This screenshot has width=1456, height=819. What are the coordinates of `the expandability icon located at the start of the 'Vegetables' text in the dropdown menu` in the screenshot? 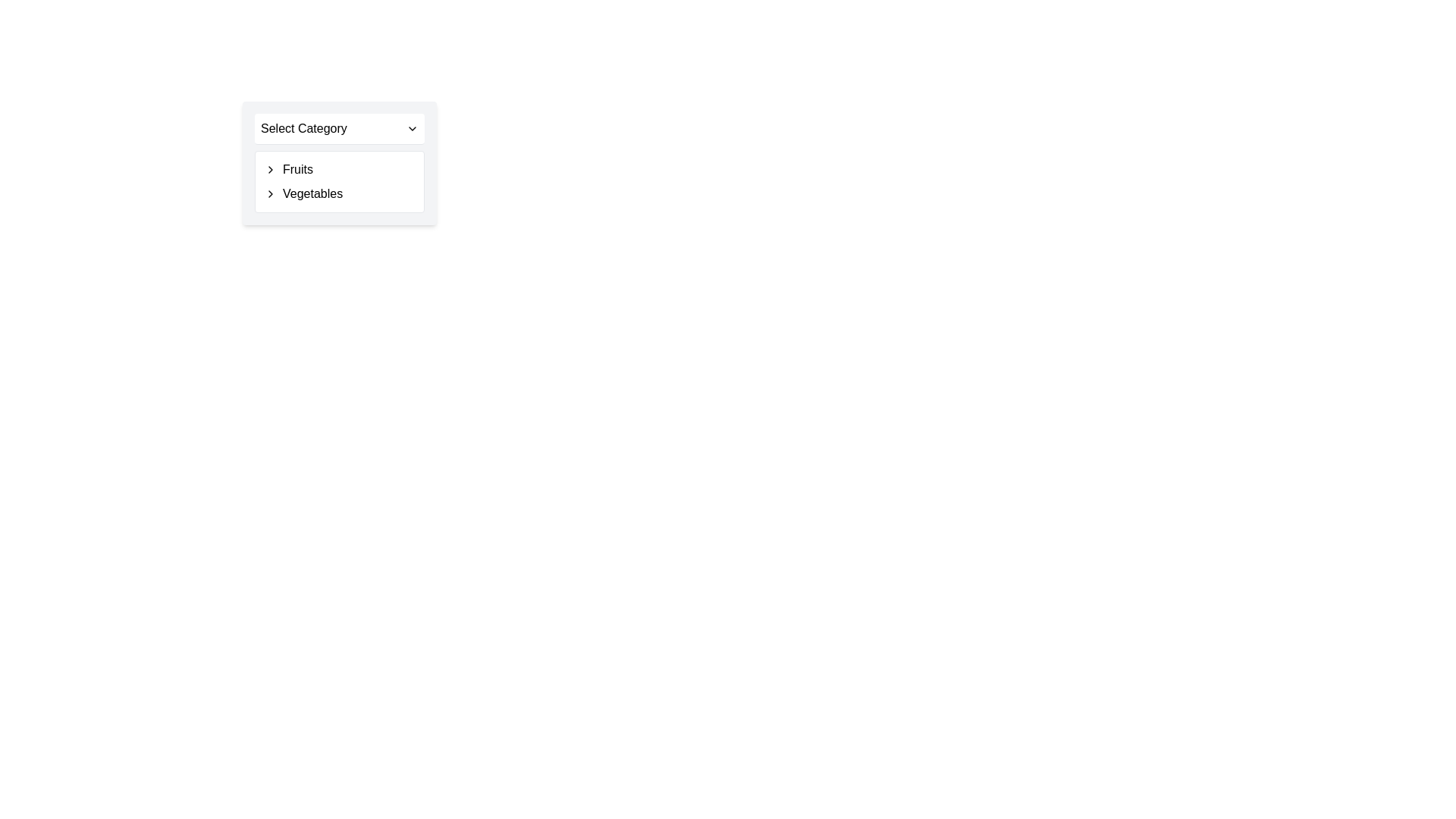 It's located at (270, 193).